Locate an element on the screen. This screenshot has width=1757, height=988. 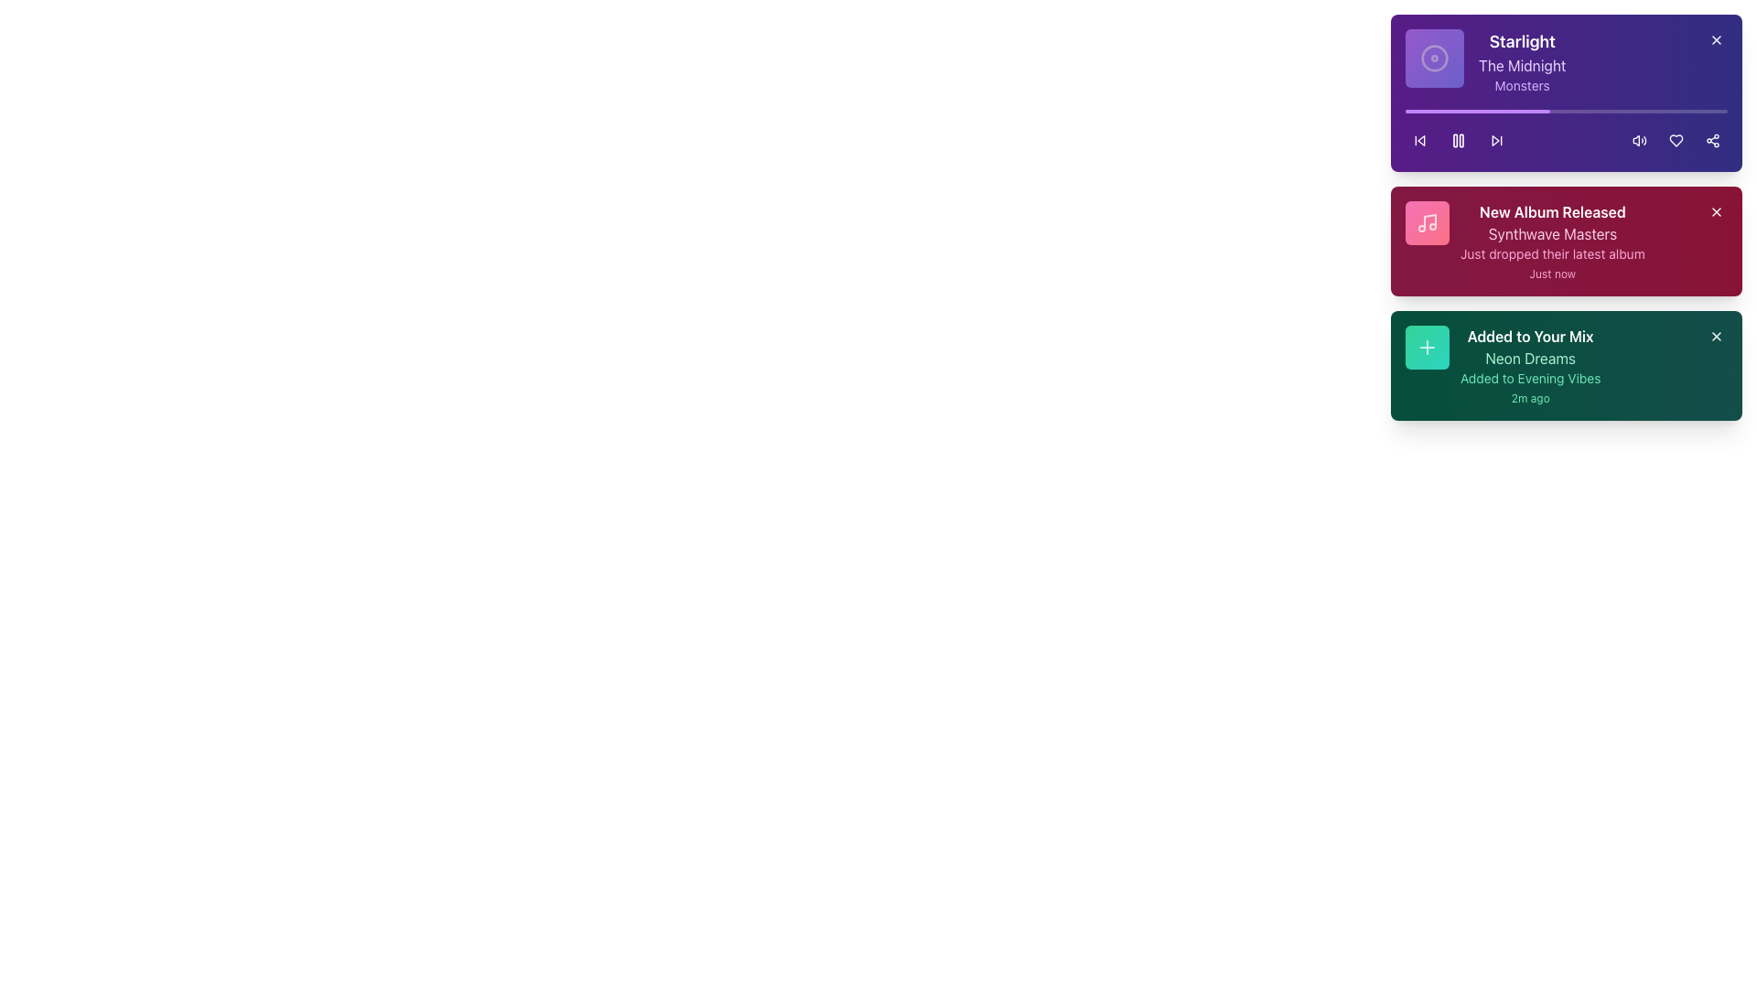
the close button located in the top-right corner of the card layout titled 'New Album Released' is located at coordinates (1716, 210).